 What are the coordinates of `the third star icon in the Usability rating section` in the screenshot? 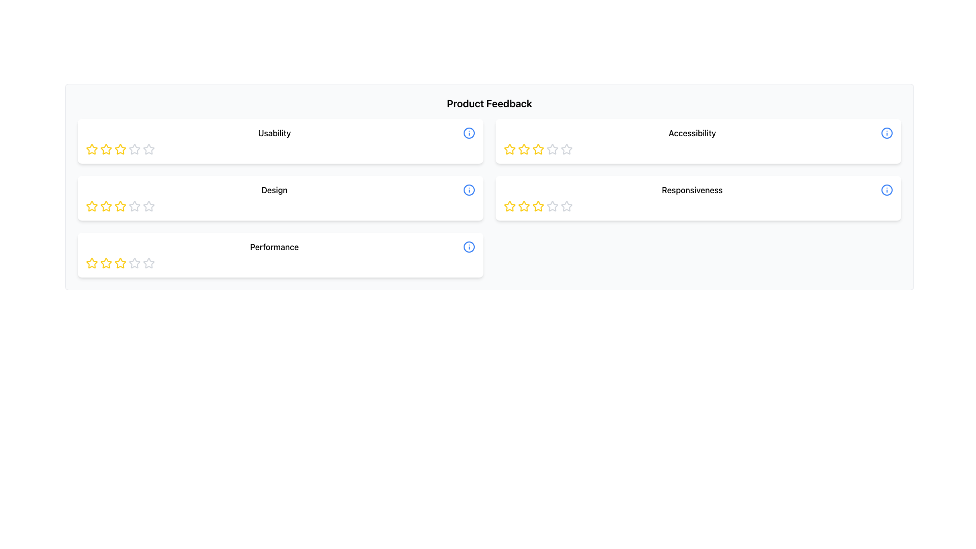 It's located at (106, 149).